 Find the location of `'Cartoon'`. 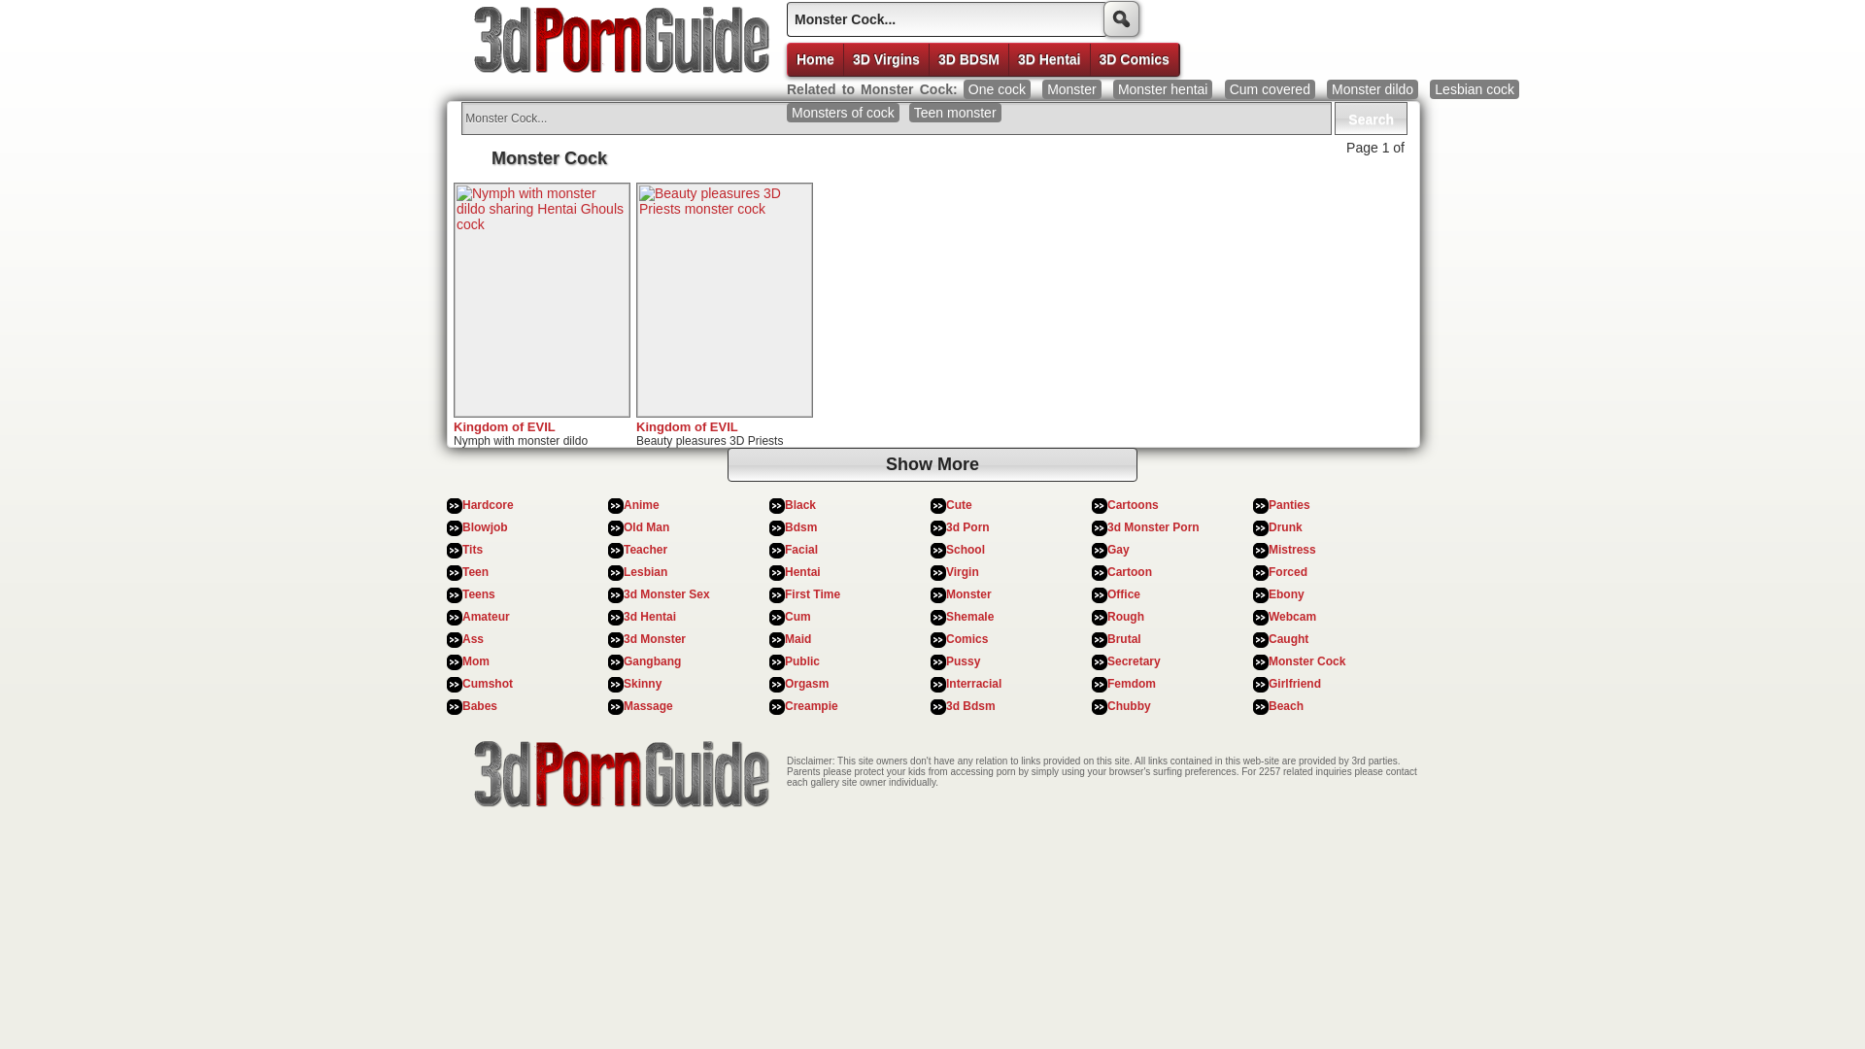

'Cartoon' is located at coordinates (1129, 571).